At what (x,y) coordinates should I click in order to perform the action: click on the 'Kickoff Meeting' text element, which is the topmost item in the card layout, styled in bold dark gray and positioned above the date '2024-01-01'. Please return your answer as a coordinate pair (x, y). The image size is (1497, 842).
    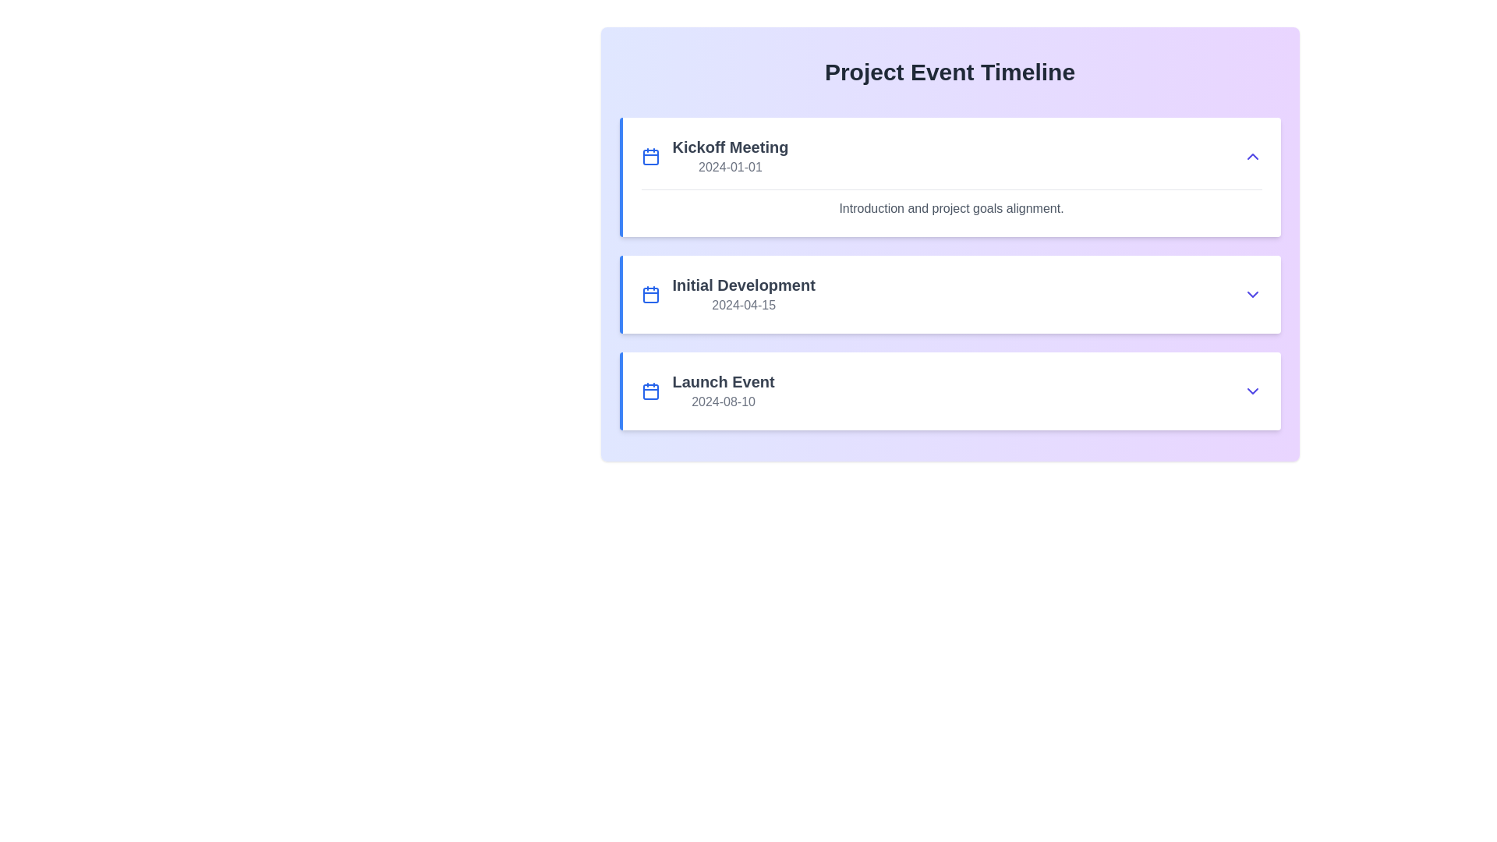
    Looking at the image, I should click on (729, 147).